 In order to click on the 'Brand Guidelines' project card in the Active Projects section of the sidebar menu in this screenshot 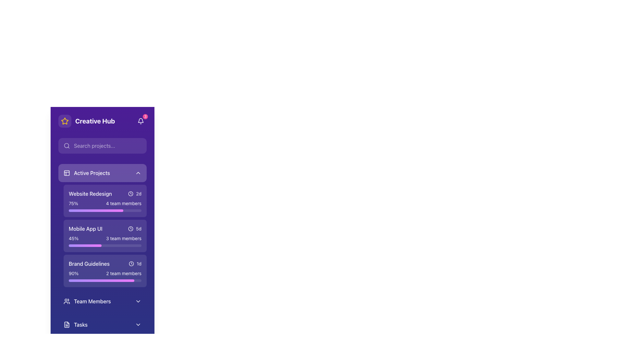, I will do `click(105, 263)`.